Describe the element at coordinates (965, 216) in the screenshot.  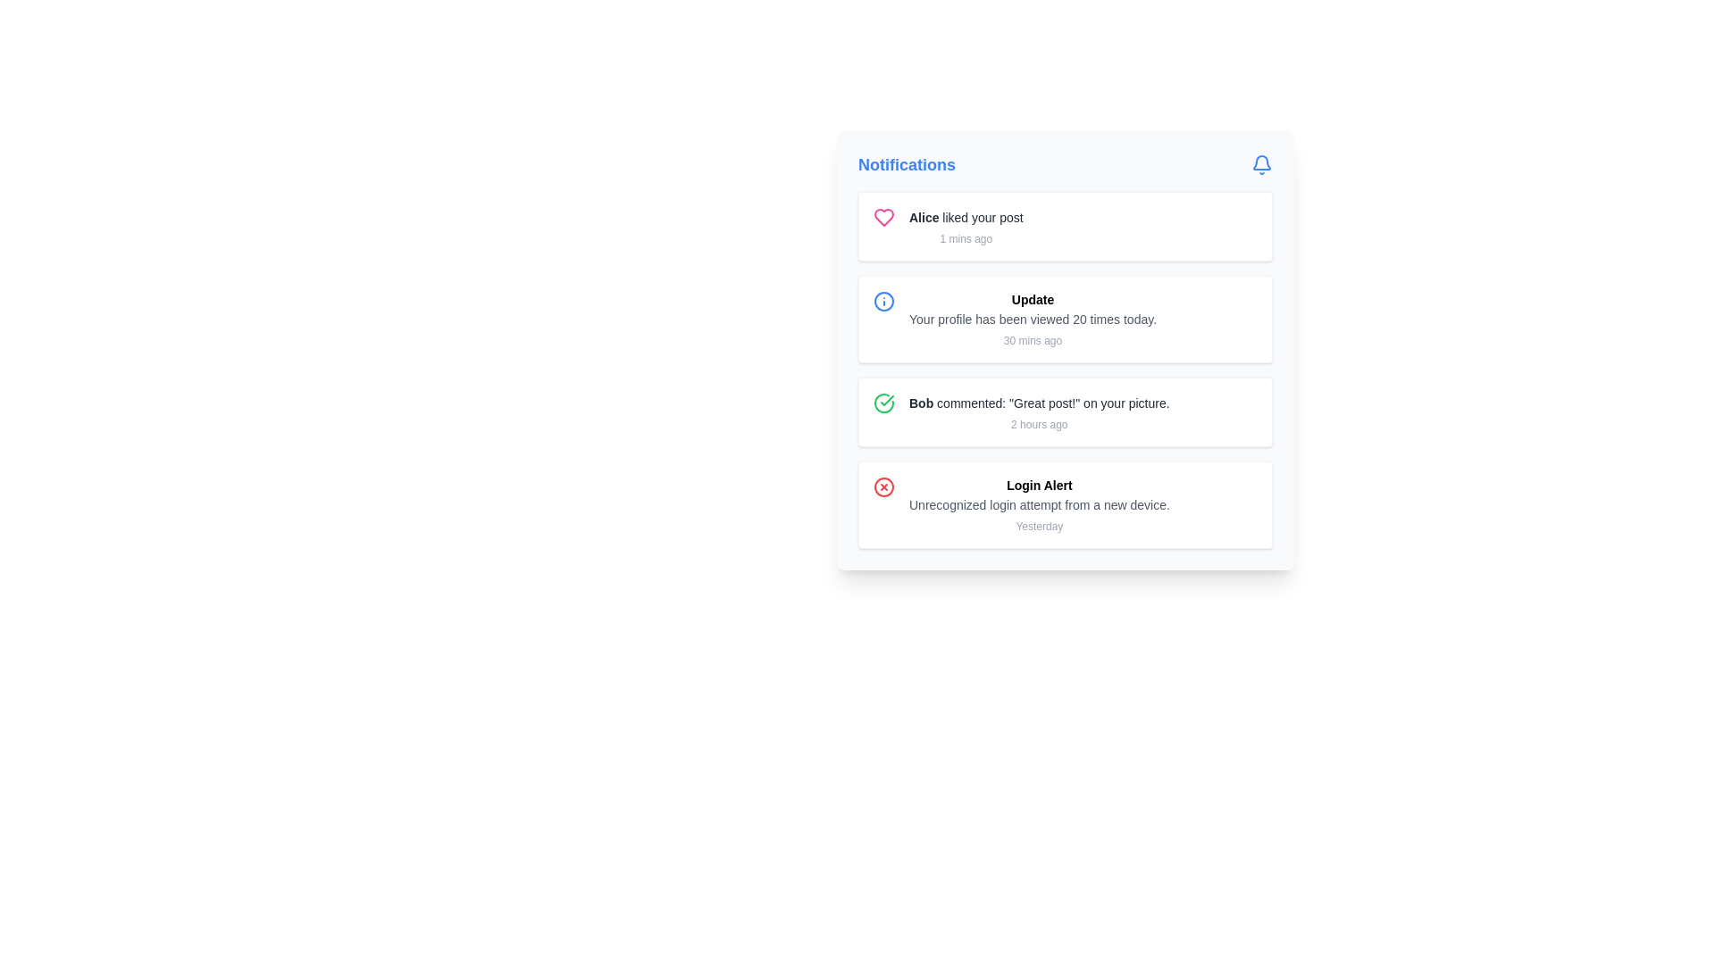
I see `text label that says 'Alice liked your post', which is located in the first notification card under the title 'Notifications' and is styled in a smaller font and dark gray color` at that location.